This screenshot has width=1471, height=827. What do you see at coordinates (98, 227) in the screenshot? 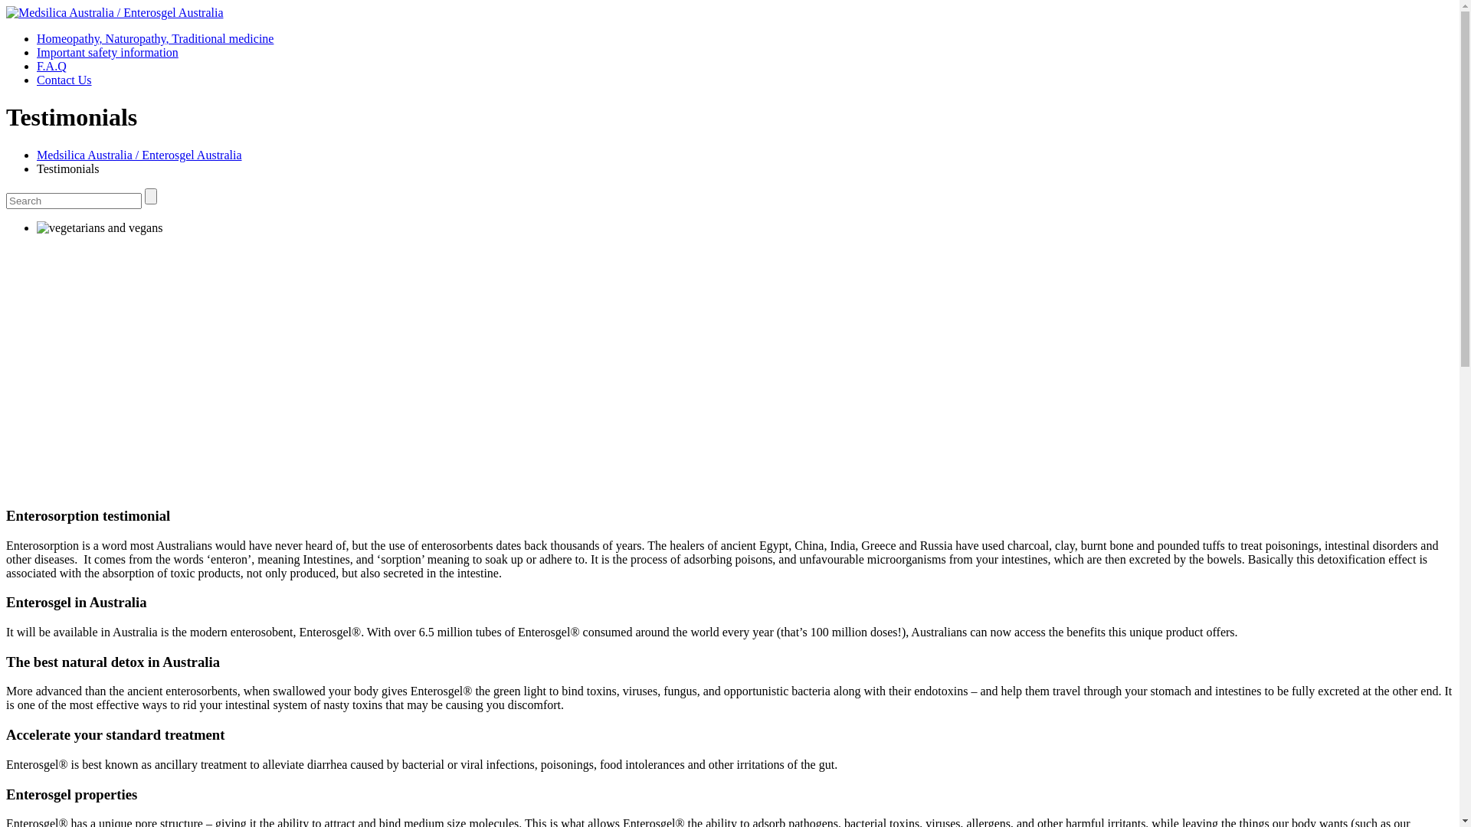
I see `'Enterosgel sugar free'` at bounding box center [98, 227].